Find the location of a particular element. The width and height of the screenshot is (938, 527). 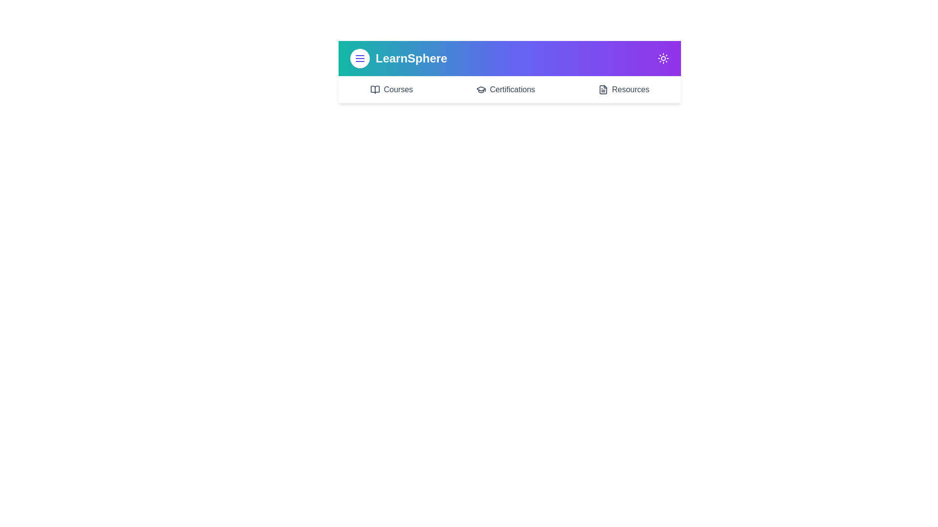

the 'Certifications' navigation link is located at coordinates (506, 90).